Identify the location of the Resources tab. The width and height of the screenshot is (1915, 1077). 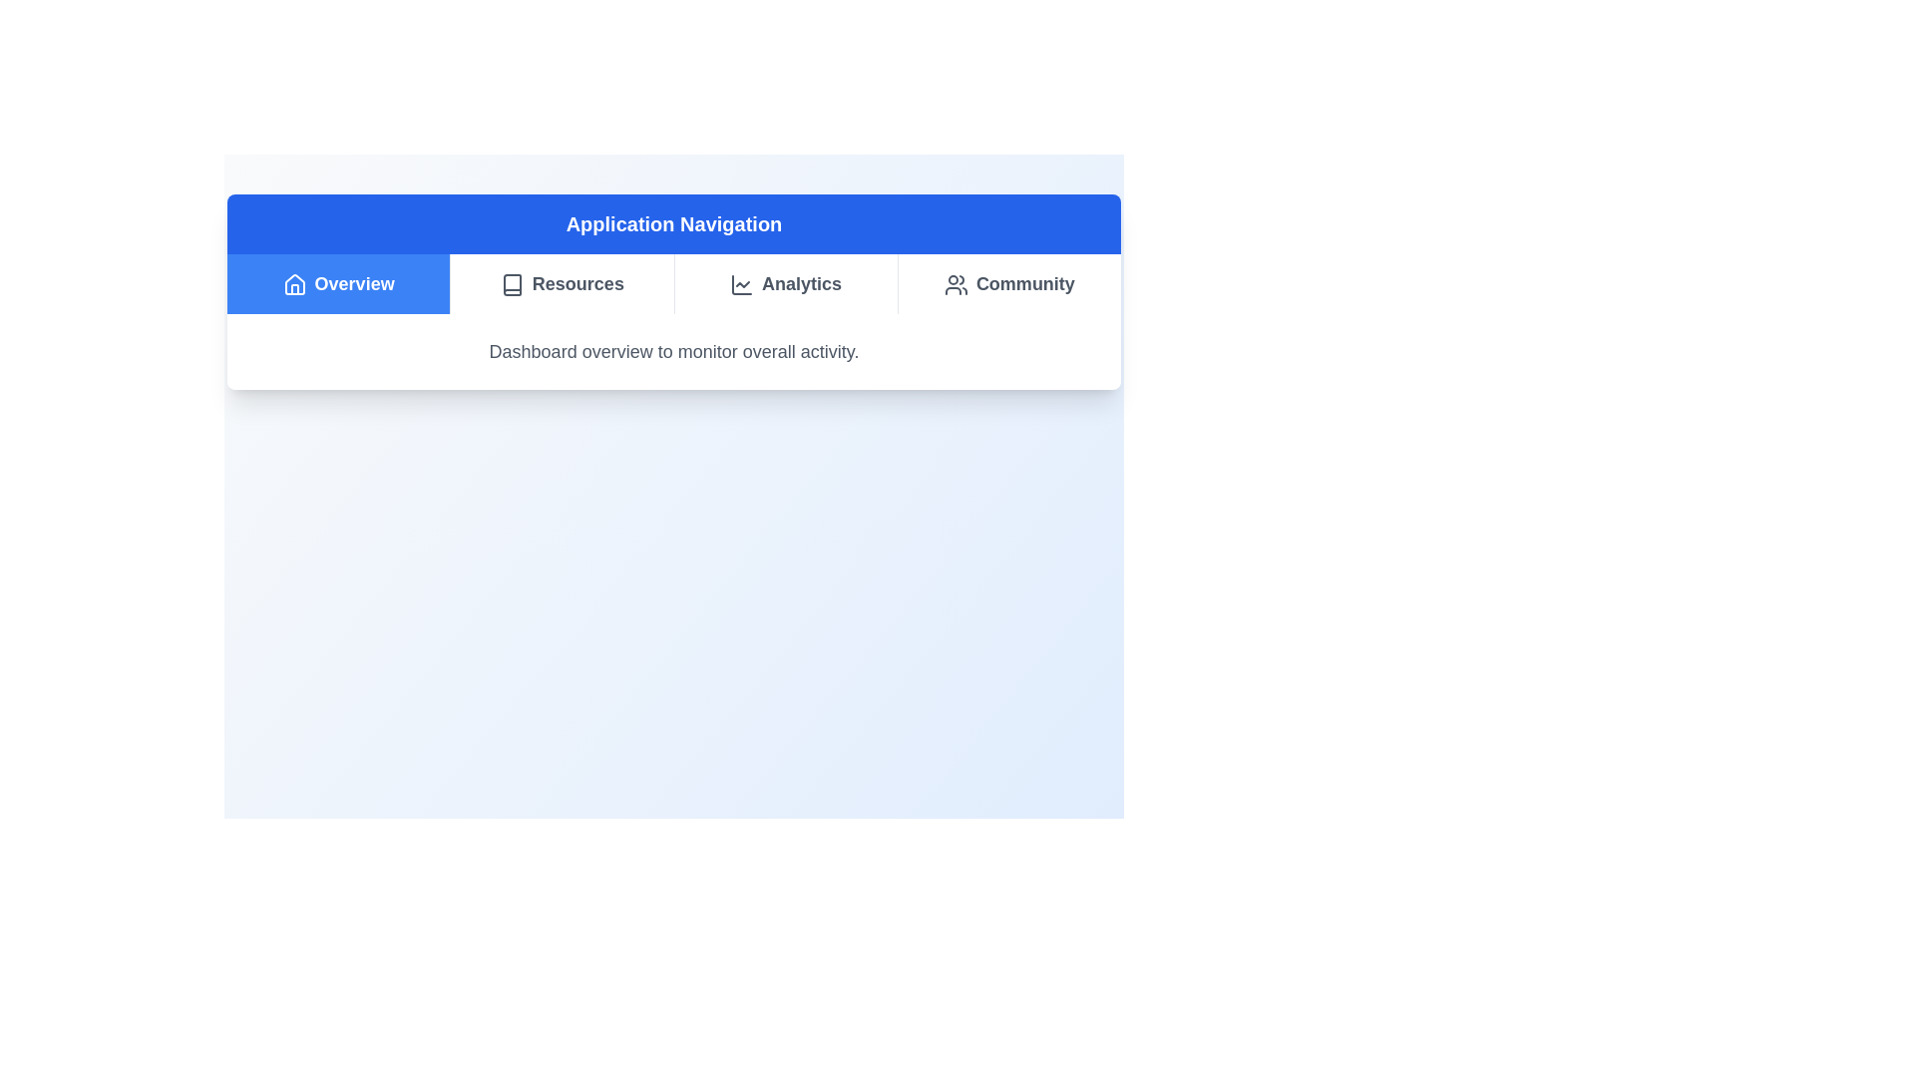
(561, 284).